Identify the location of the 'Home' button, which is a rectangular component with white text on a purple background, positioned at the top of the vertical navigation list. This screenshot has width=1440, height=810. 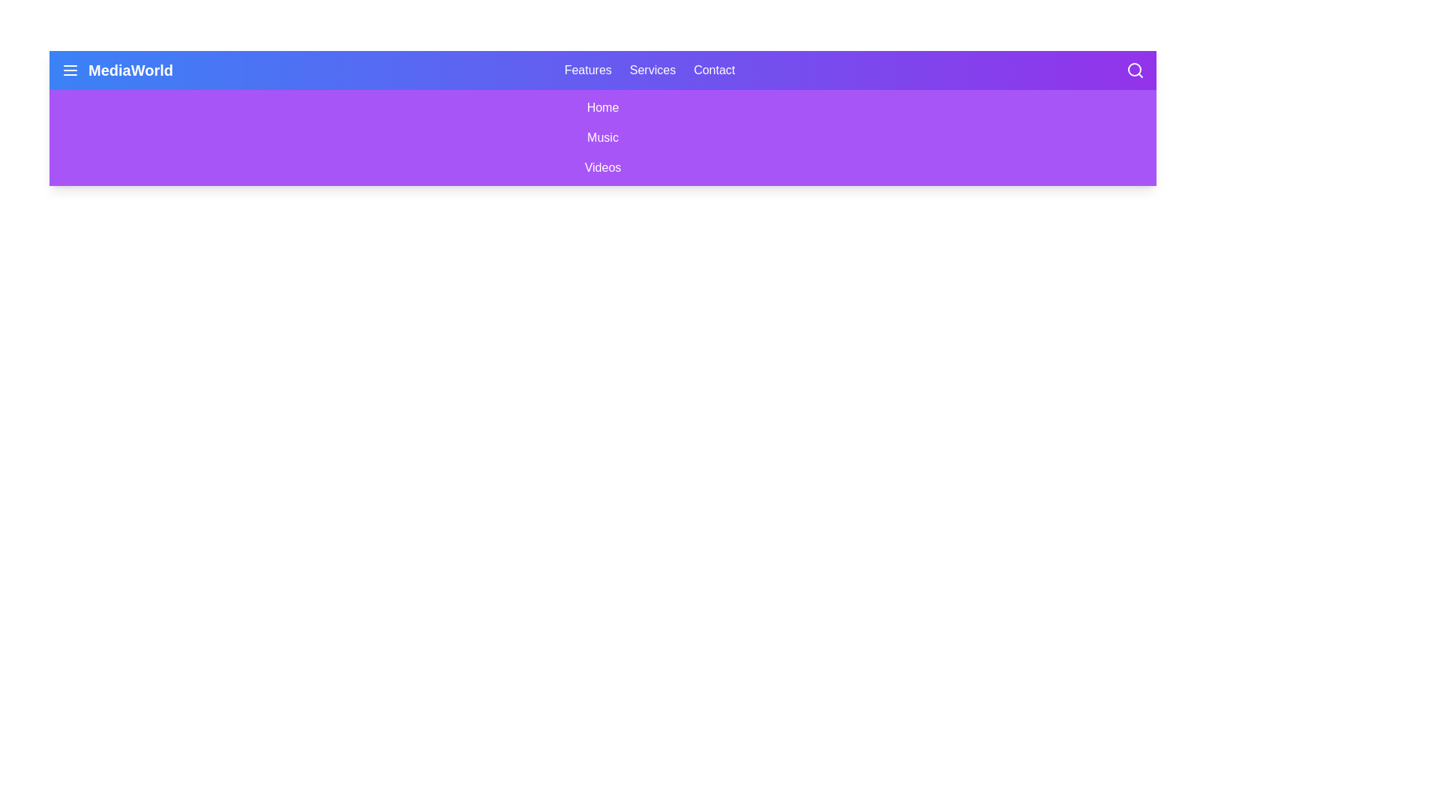
(603, 106).